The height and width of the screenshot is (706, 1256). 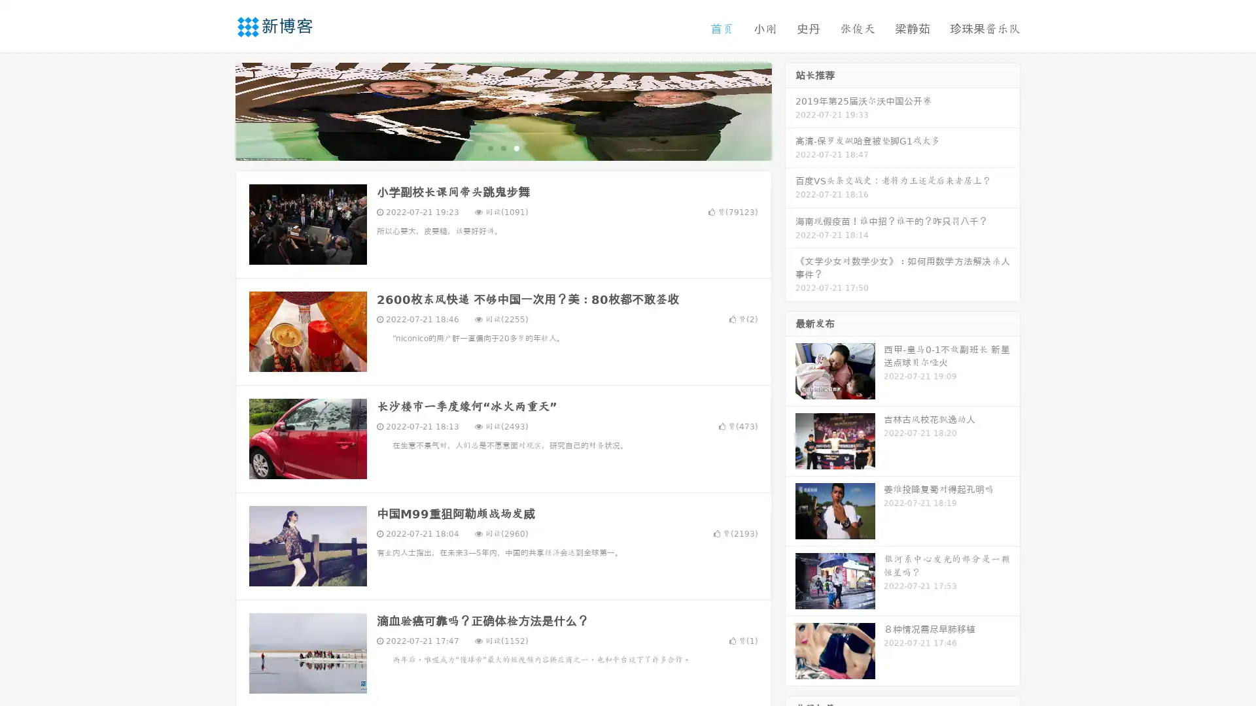 What do you see at coordinates (516, 147) in the screenshot?
I see `Go to slide 3` at bounding box center [516, 147].